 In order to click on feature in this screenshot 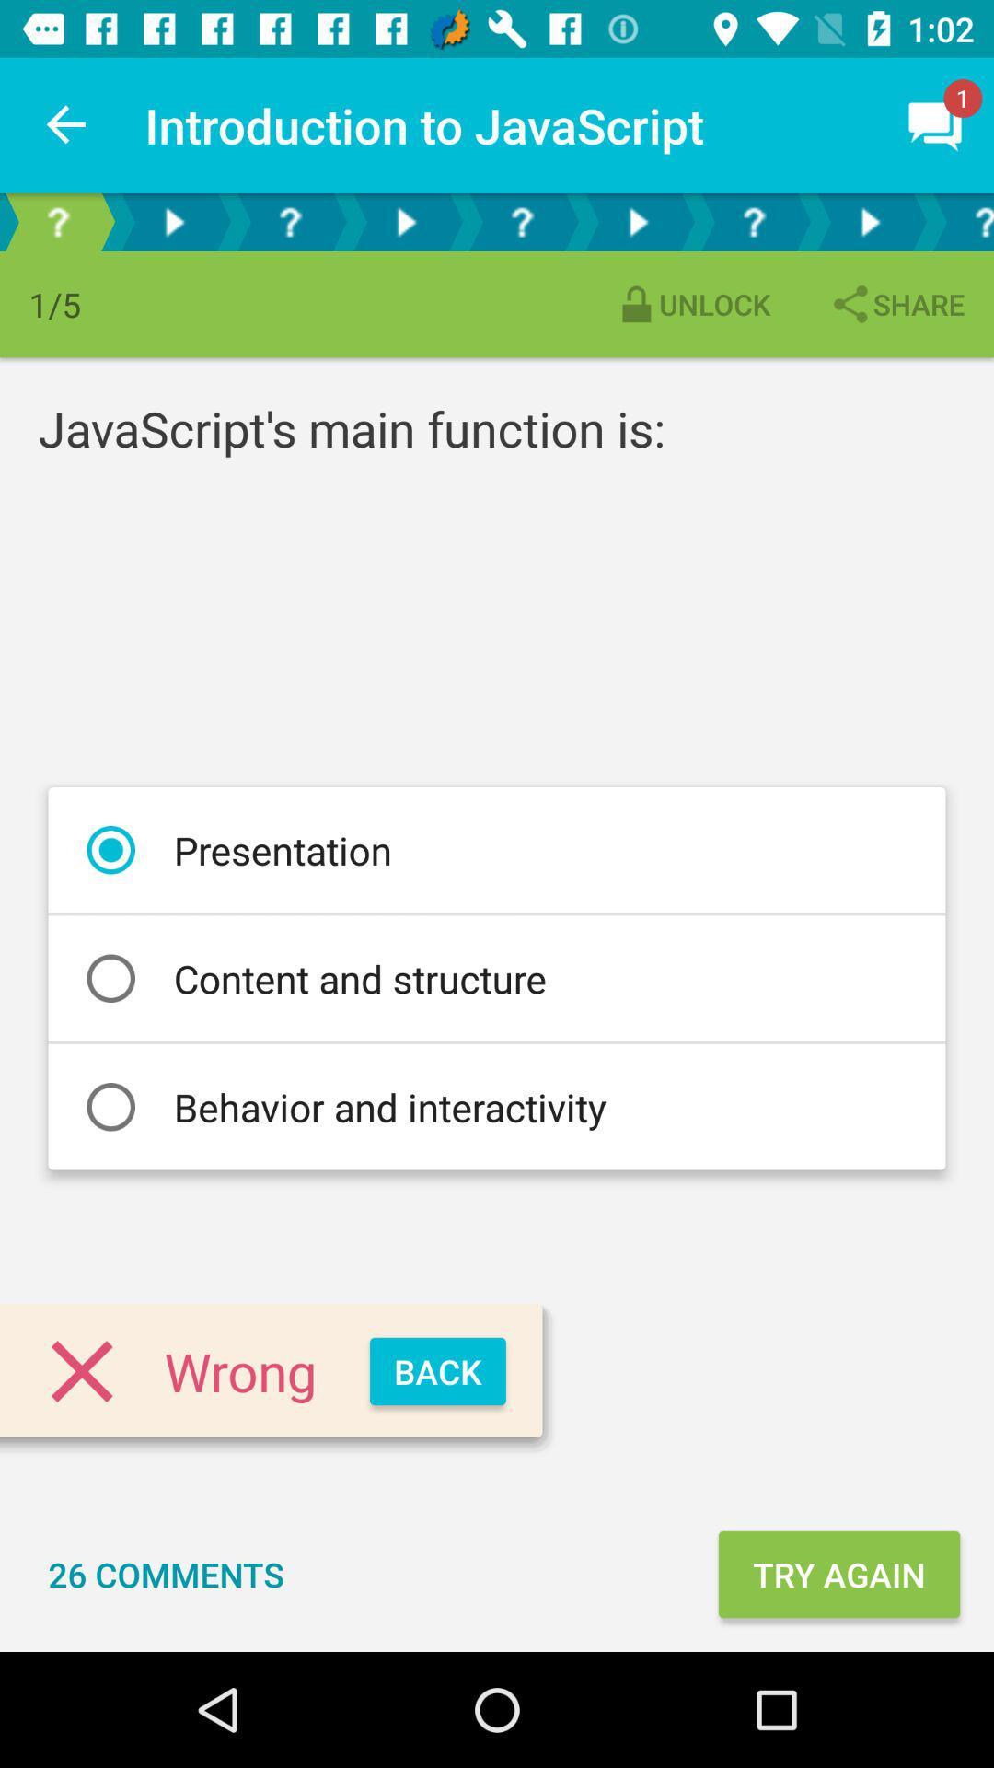, I will do `click(174, 221)`.